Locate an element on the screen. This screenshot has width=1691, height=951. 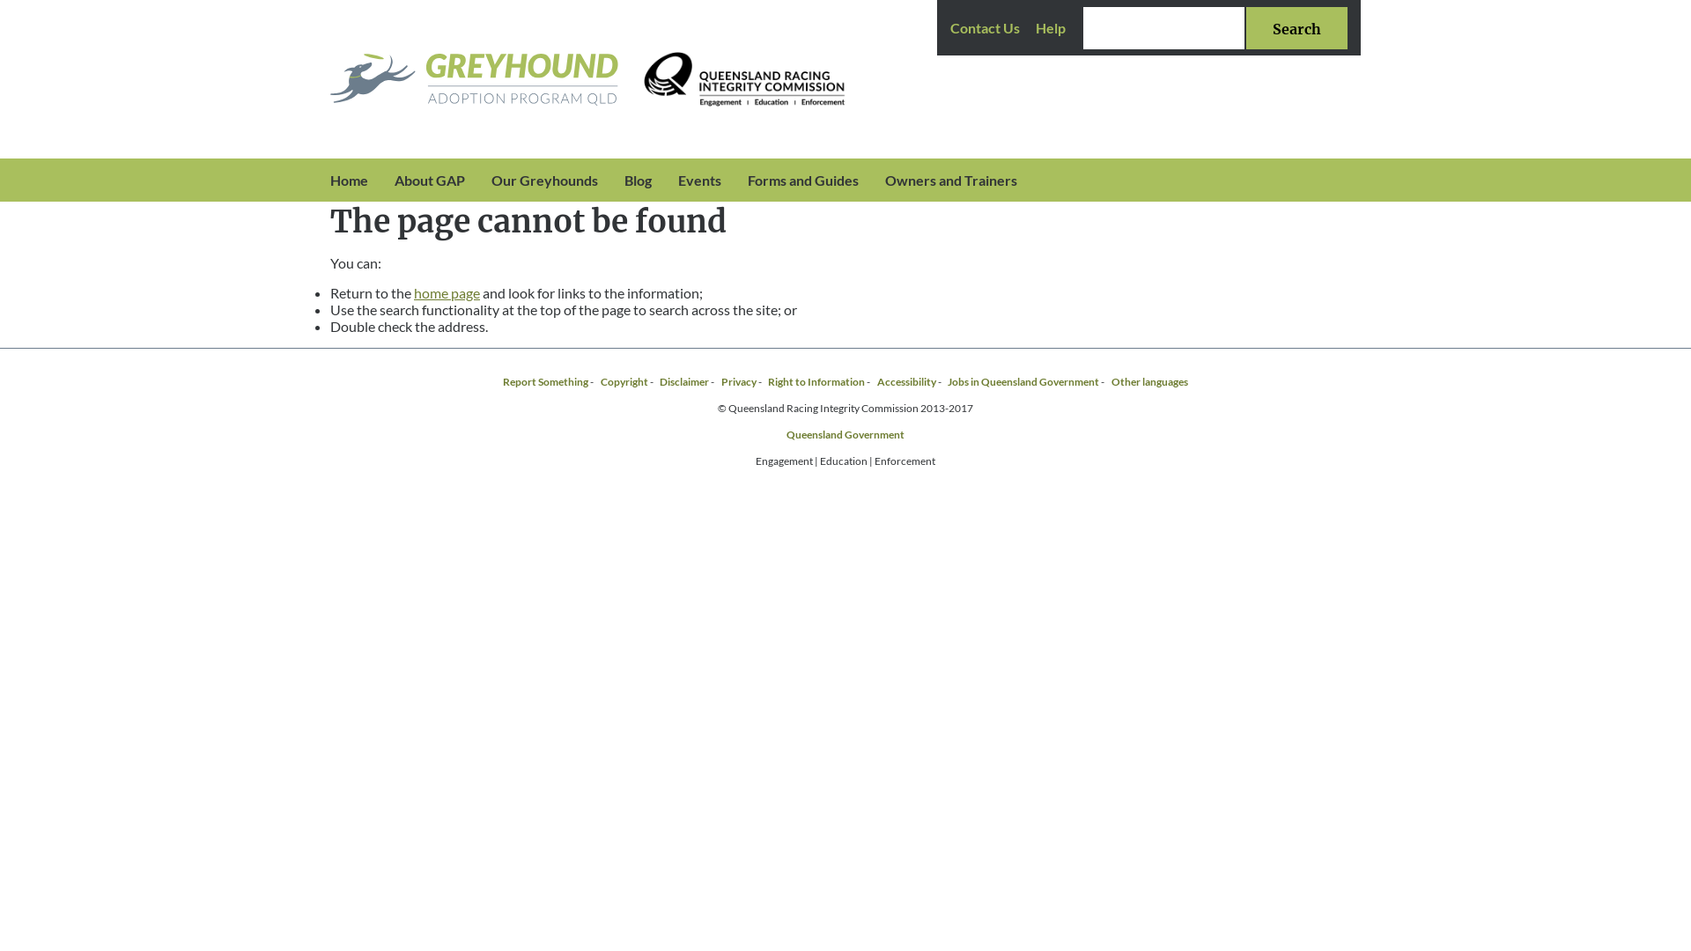
'Owners and Trainers' is located at coordinates (871, 180).